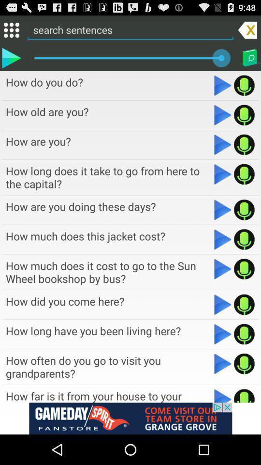 Image resolution: width=261 pixels, height=465 pixels. I want to click on play, so click(223, 174).